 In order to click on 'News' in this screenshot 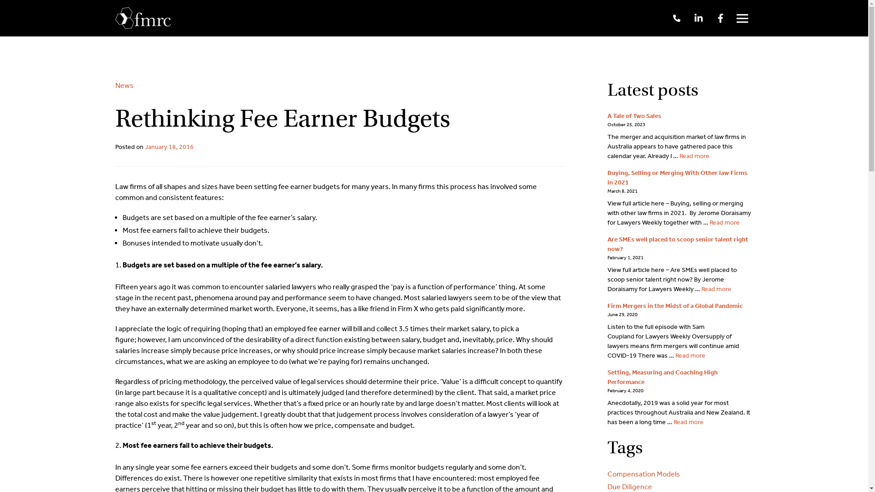, I will do `click(124, 85)`.